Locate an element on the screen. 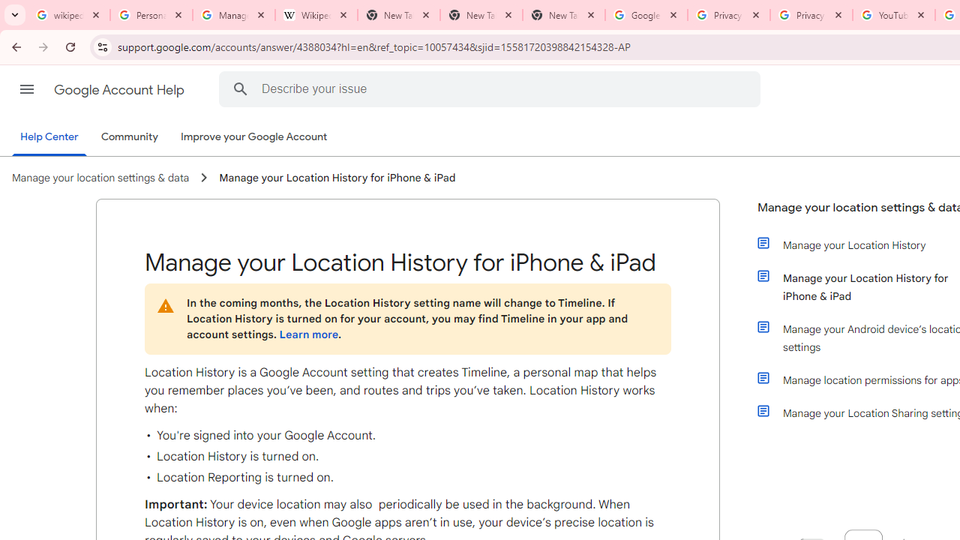 The height and width of the screenshot is (540, 960). 'Improve your Google Account' is located at coordinates (254, 137).